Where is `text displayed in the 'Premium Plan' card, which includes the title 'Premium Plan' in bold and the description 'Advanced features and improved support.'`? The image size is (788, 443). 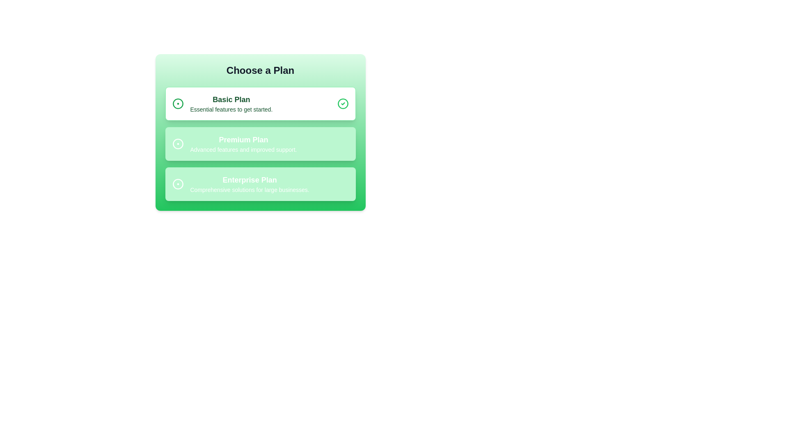
text displayed in the 'Premium Plan' card, which includes the title 'Premium Plan' in bold and the description 'Advanced features and improved support.' is located at coordinates (243, 144).